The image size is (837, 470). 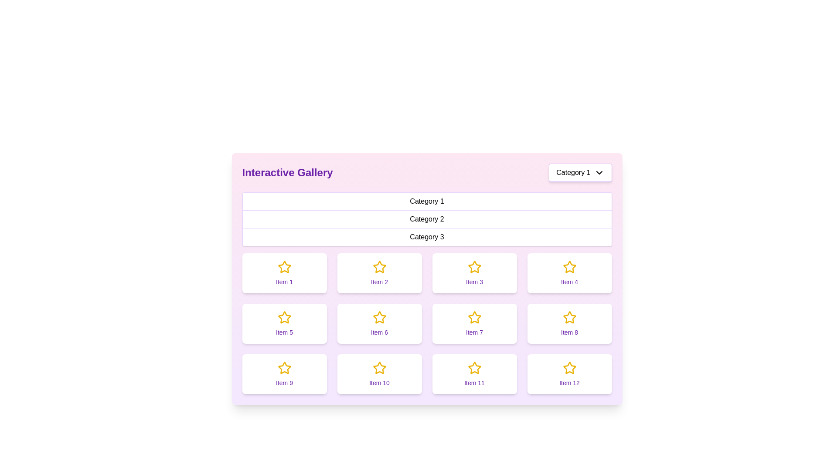 I want to click on the third item in the second row of the gallery-style layout card, which is located below 'Item 3' and above 'Item 11', so click(x=474, y=324).